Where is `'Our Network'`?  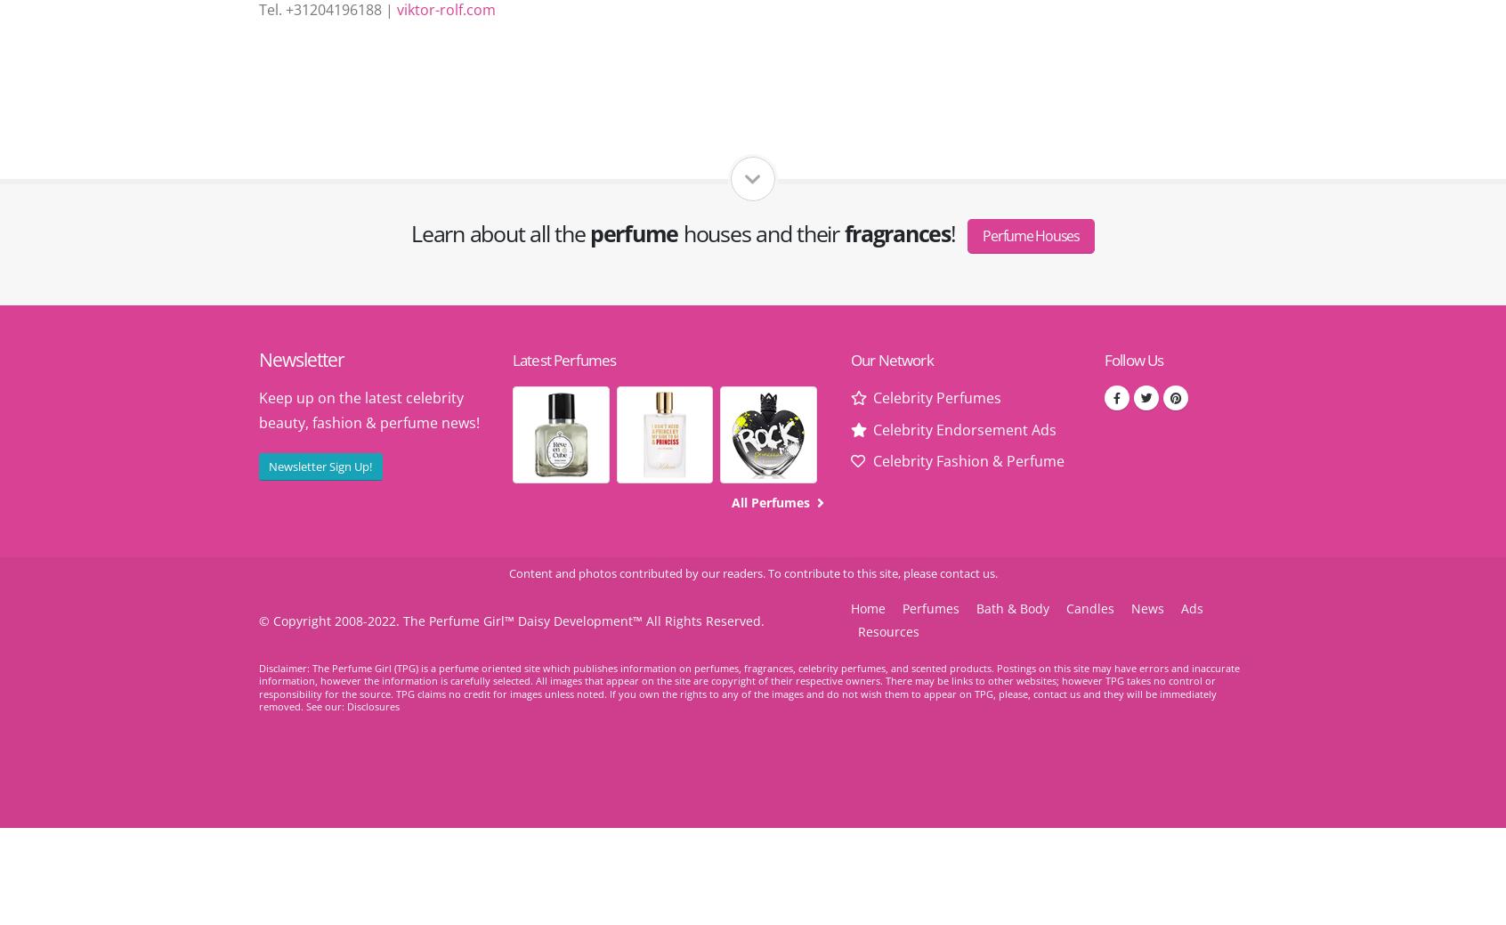 'Our Network' is located at coordinates (891, 359).